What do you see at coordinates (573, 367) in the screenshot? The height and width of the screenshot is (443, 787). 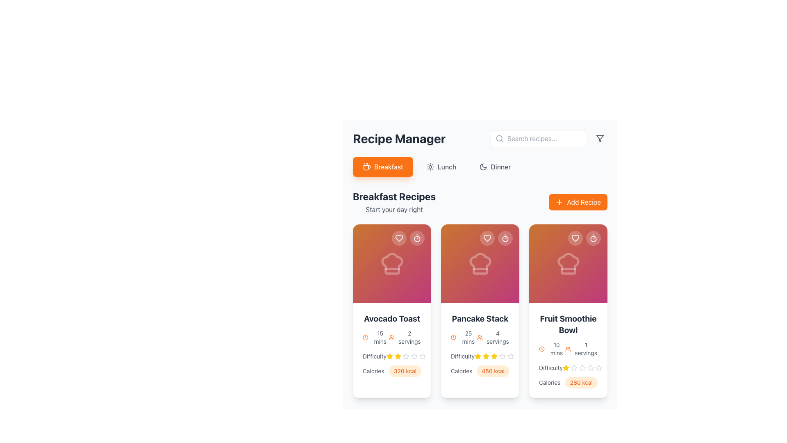 I see `the second star-shaped icon in the difficulty rating section of the 'Fruit Smoothie Bowl' recipe card to rate it` at bounding box center [573, 367].